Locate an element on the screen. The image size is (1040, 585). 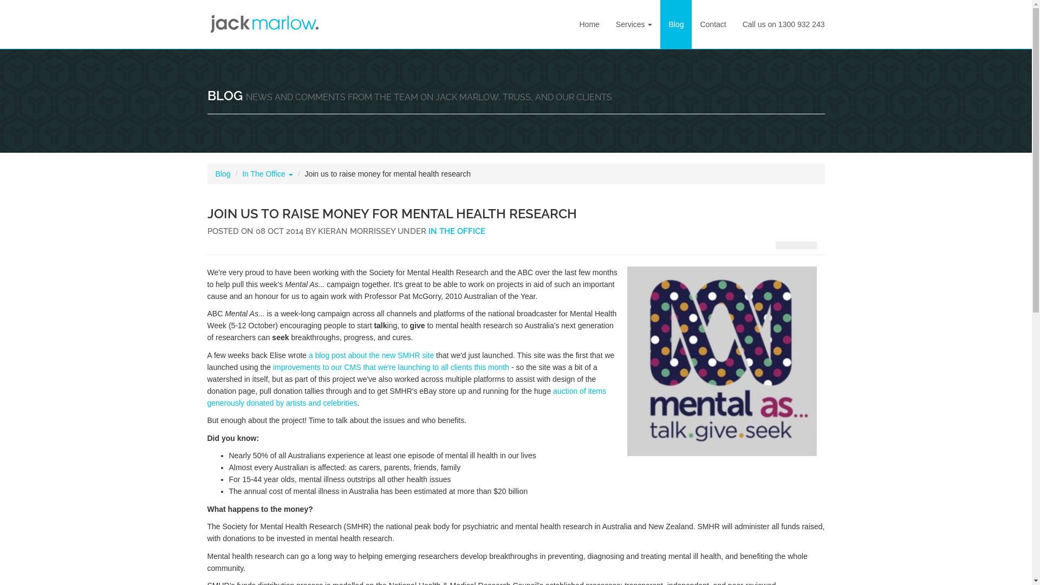
'Share on Google+' is located at coordinates (795, 245).